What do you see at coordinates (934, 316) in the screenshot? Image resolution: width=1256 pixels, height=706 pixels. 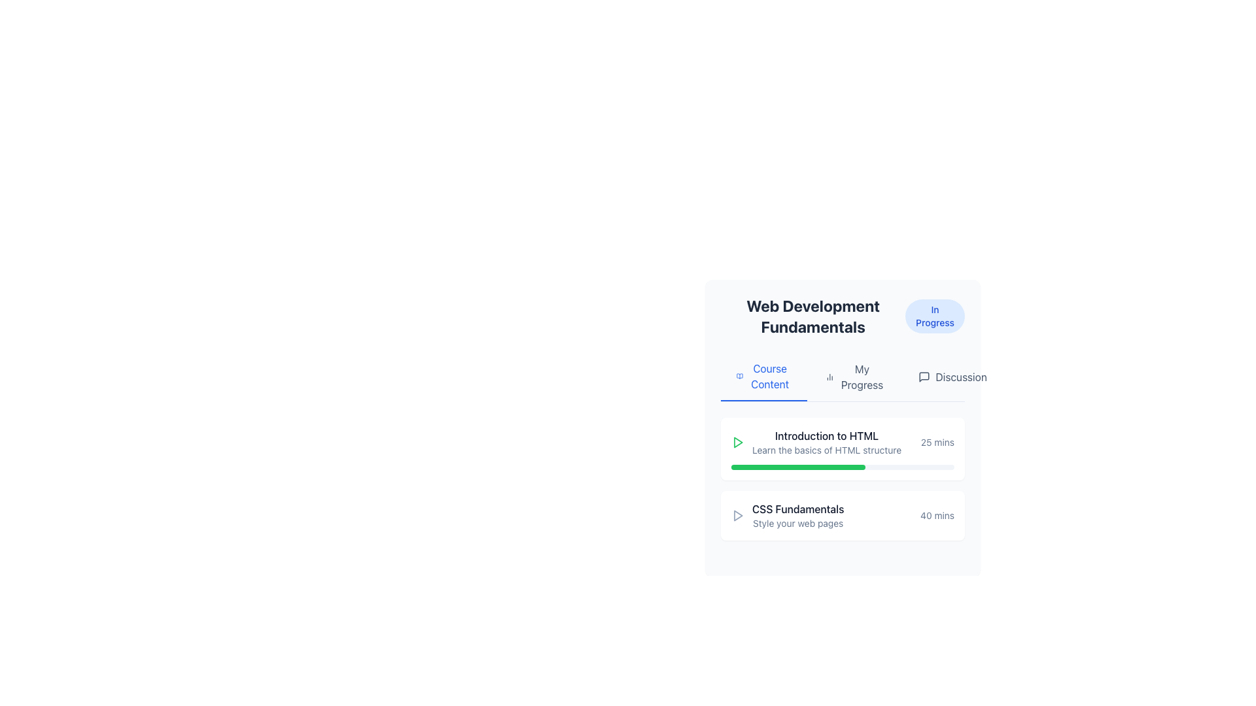 I see `the Status badge with blue background and white text labeled 'In Progress'` at bounding box center [934, 316].